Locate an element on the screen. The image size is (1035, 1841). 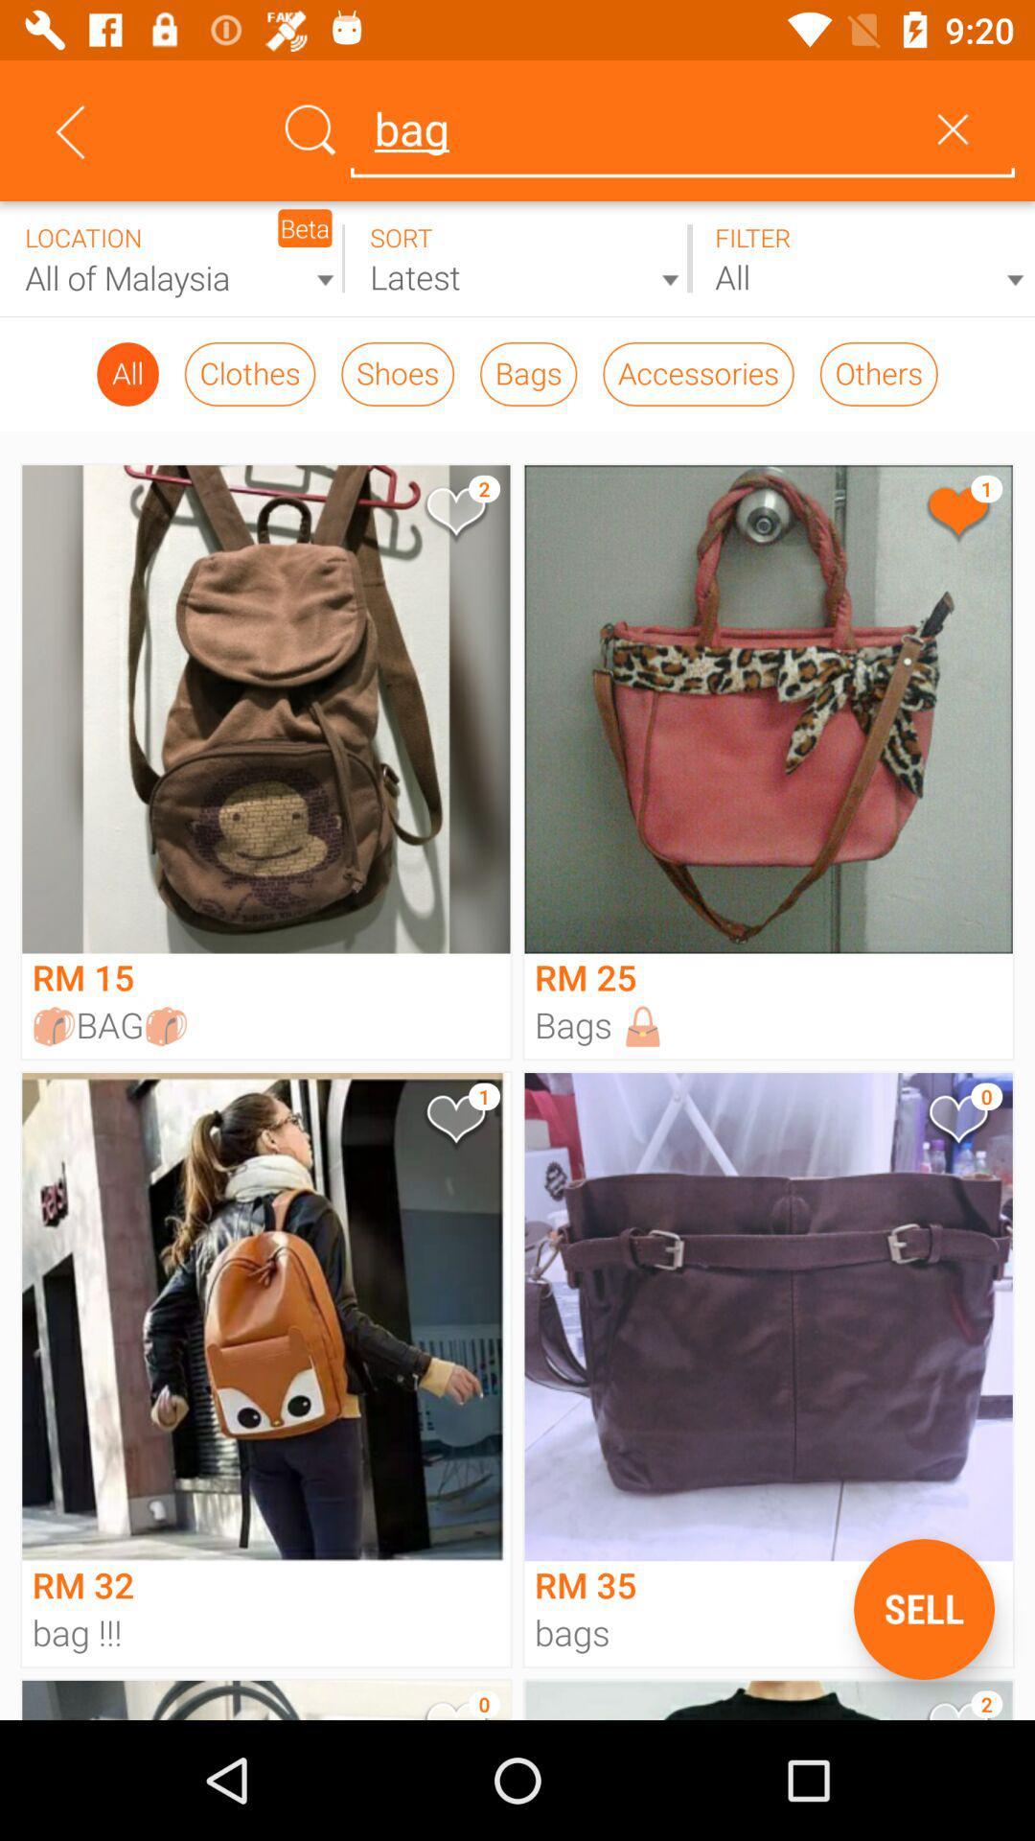
how items are sorted is located at coordinates (517, 258).